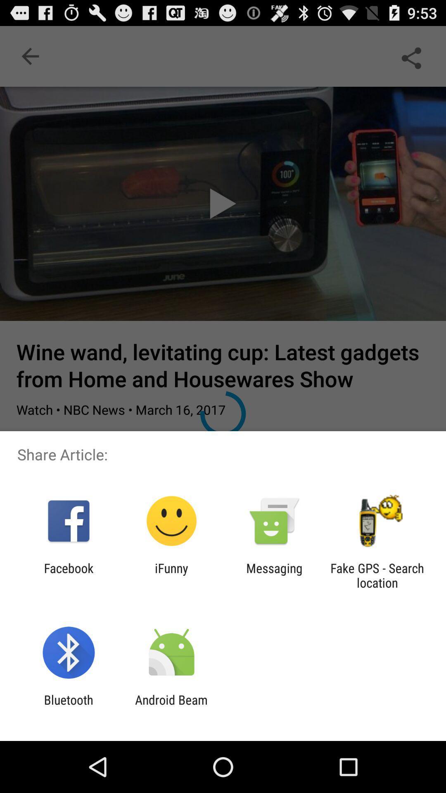  Describe the element at coordinates (377, 575) in the screenshot. I see `the item at the bottom right corner` at that location.